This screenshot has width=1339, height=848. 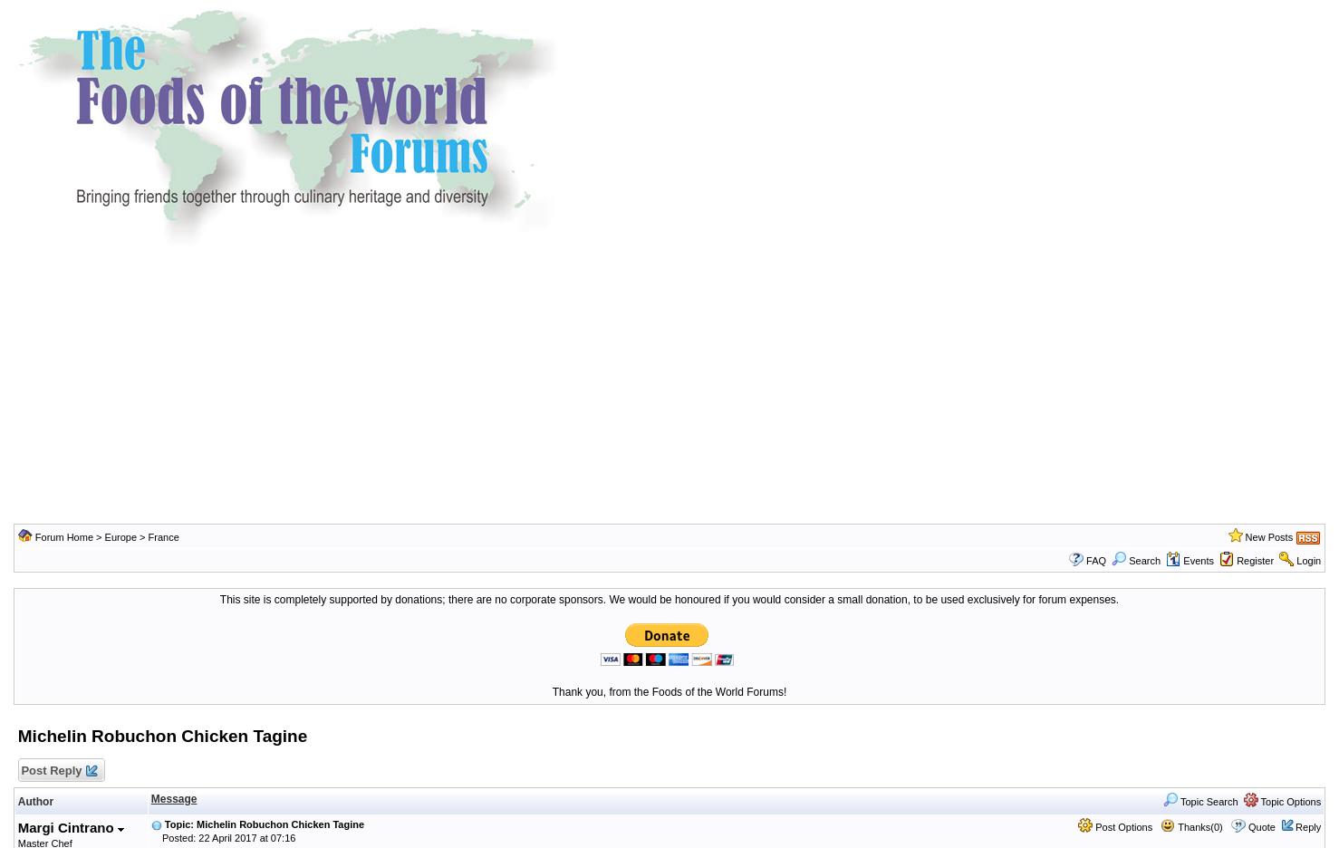 I want to click on 'Topic Options', so click(x=1256, y=799).